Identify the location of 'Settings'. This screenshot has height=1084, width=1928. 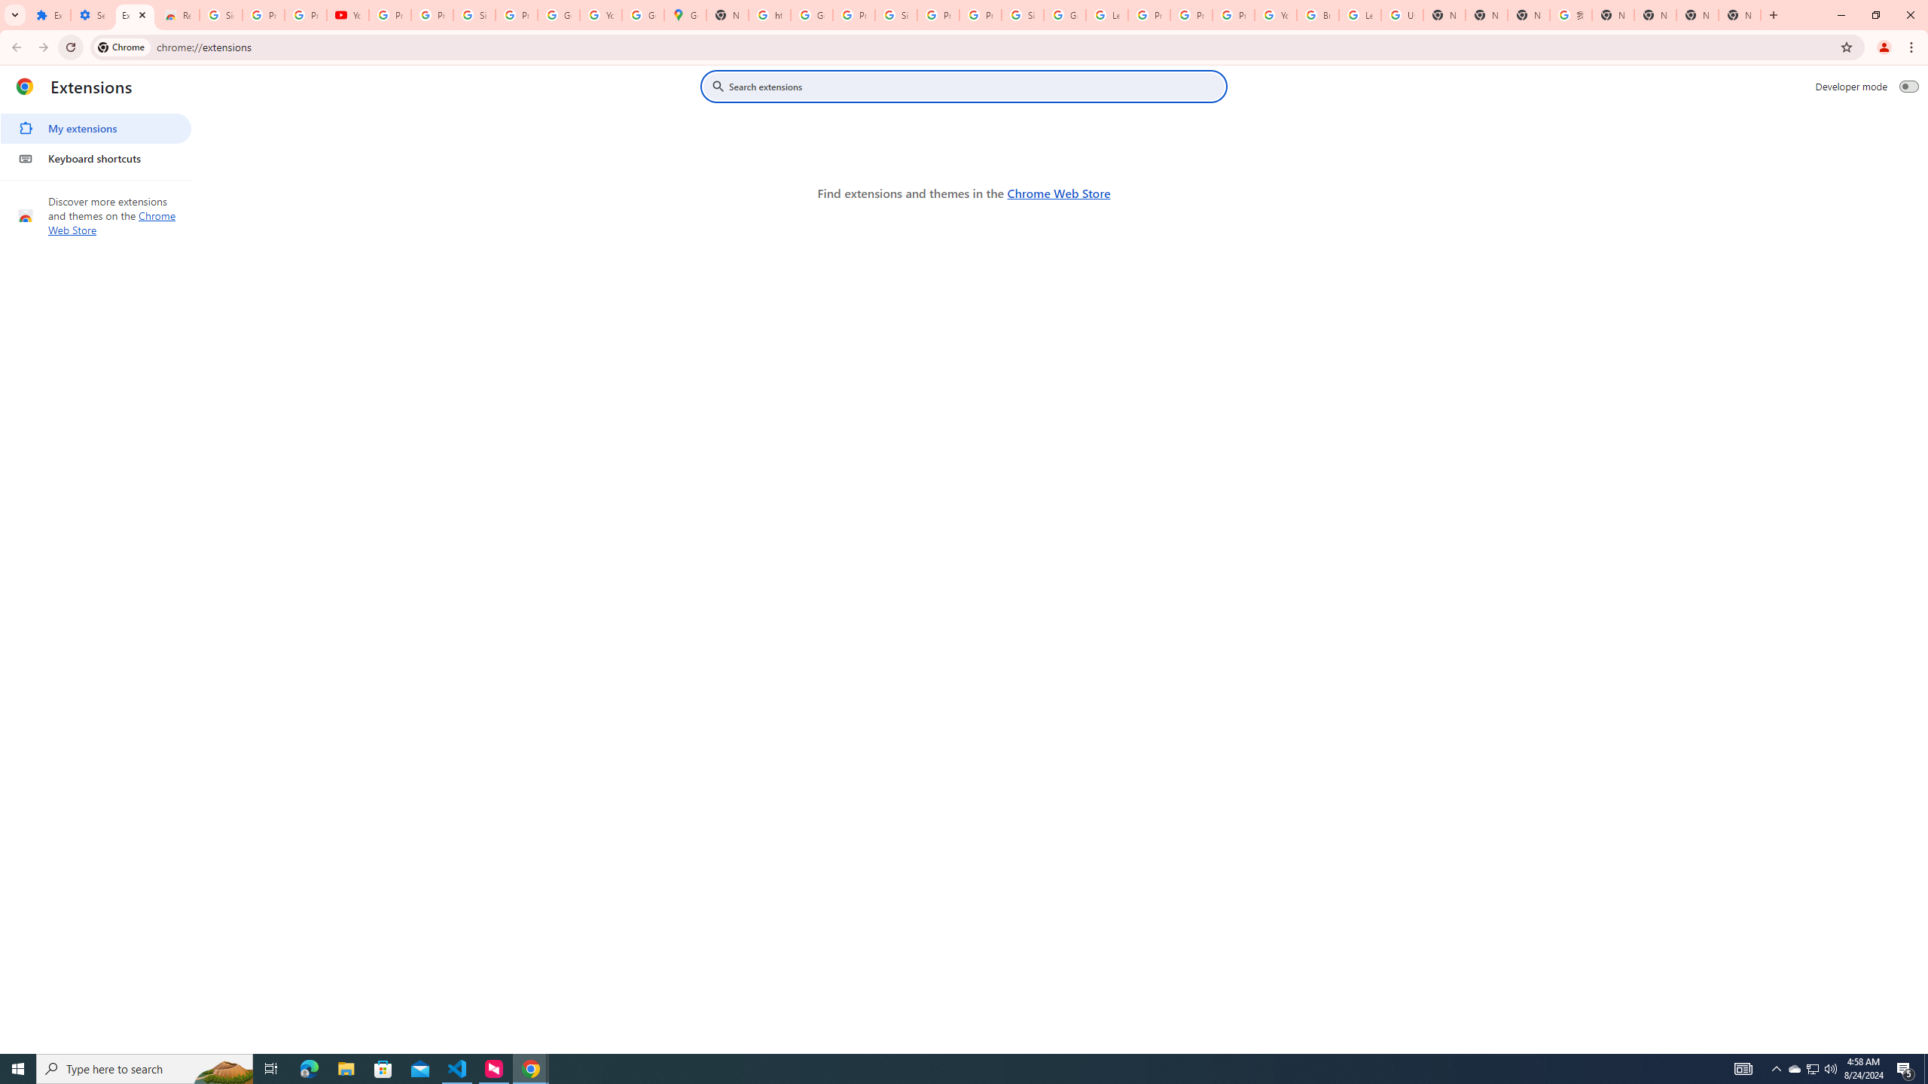
(91, 14).